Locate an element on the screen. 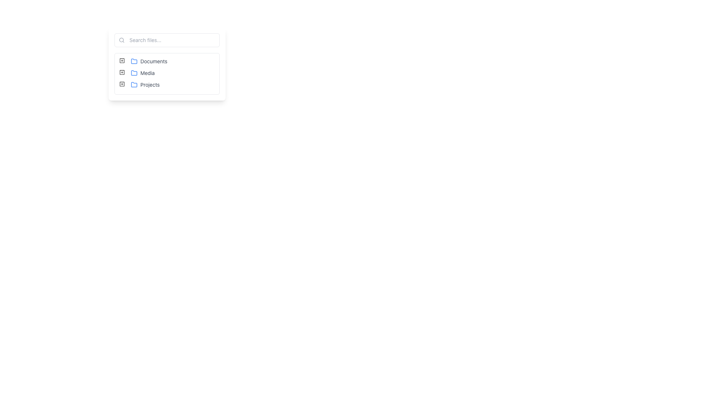 This screenshot has height=395, width=702. the blue folder icon associated with the 'Media' label is located at coordinates (134, 73).